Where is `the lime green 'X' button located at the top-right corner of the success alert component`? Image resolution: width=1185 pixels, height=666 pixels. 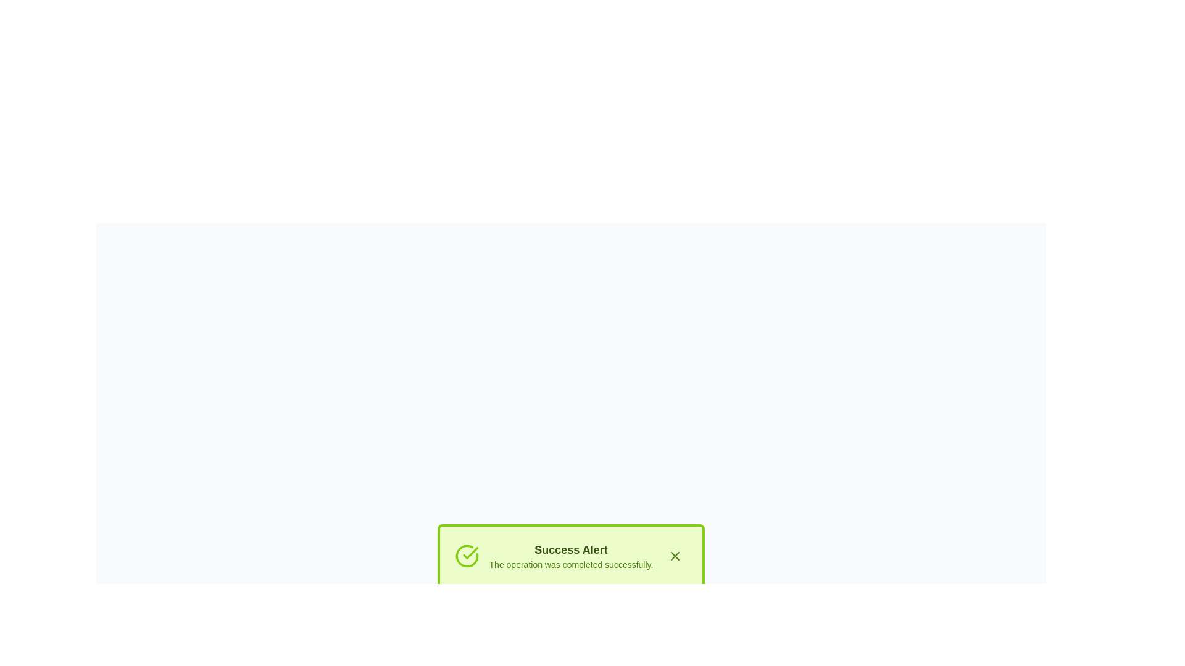
the lime green 'X' button located at the top-right corner of the success alert component is located at coordinates (675, 556).